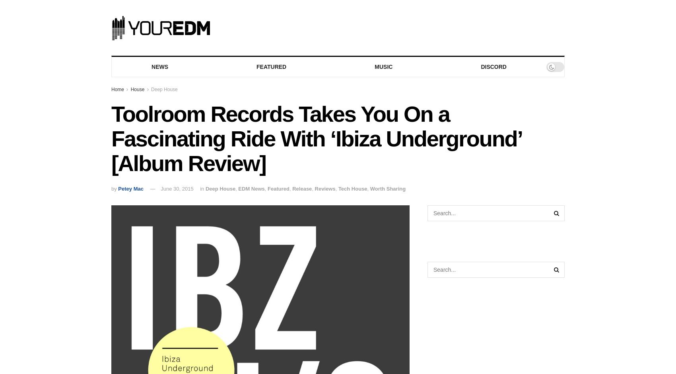  Describe the element at coordinates (352, 188) in the screenshot. I see `'Tech House'` at that location.